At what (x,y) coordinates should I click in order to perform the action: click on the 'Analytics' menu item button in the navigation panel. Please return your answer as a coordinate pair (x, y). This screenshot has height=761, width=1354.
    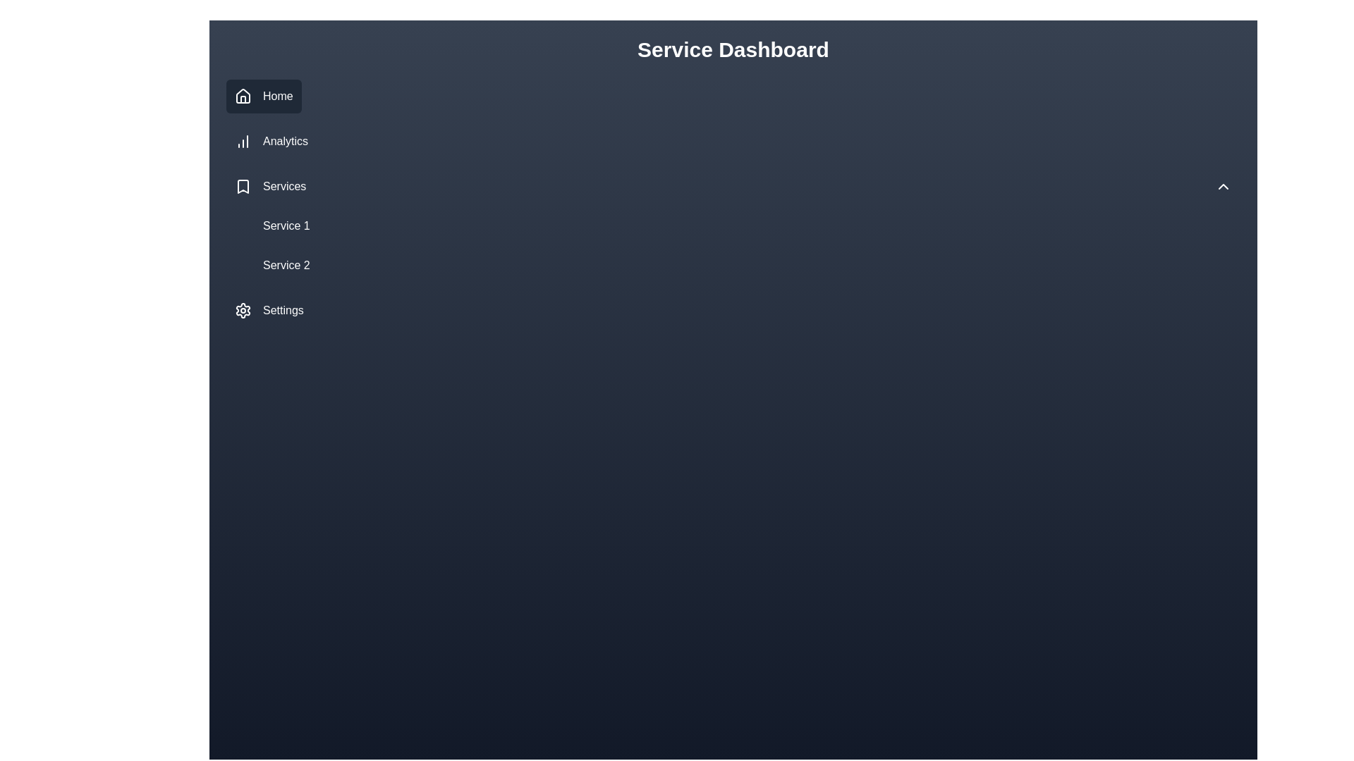
    Looking at the image, I should click on (271, 141).